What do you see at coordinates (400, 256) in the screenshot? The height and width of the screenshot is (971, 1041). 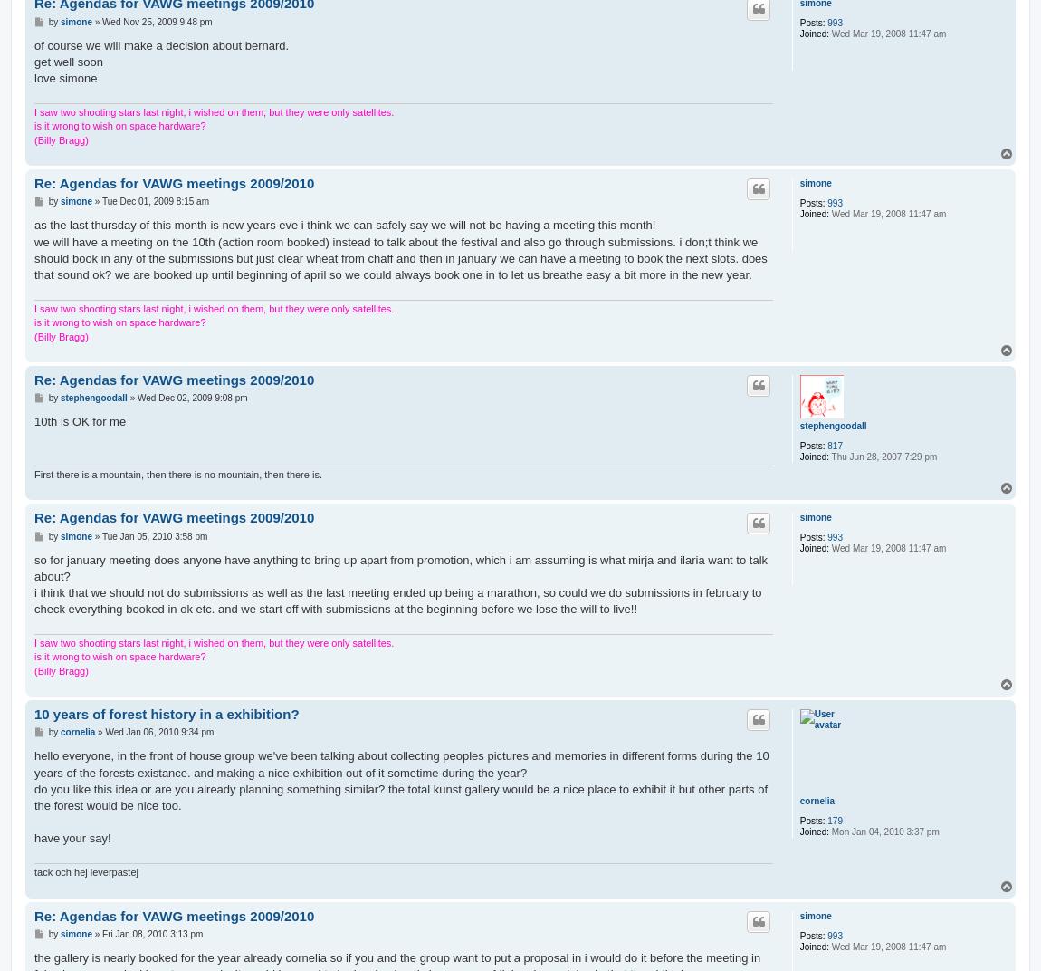 I see `'we will have a meeting on the 10th (action room booked) instead to talk about the festival and also go through submissions. i don;t think we should book in any of the submissions but just clear wheat from chaff and then in january we can have a meeting to book the next slots. does that sound ok? we are booked up until beginning of april so we could always book one in to let us breathe easy a bit more  in the new year.'` at bounding box center [400, 256].